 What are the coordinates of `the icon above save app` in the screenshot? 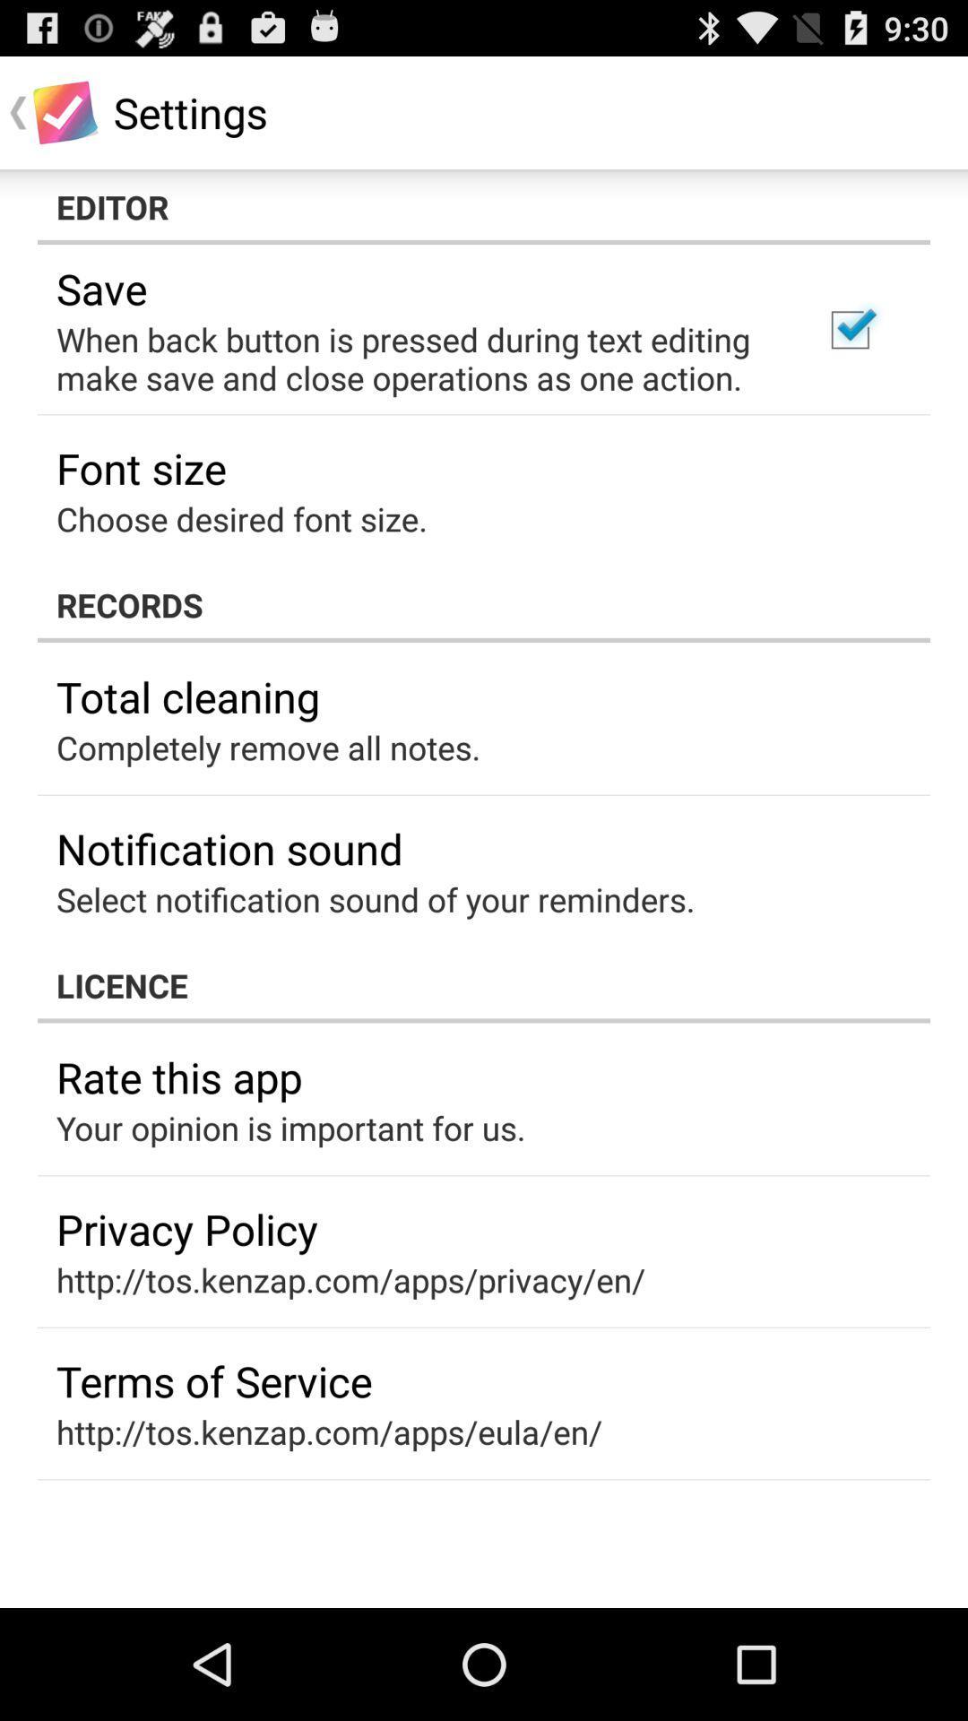 It's located at (484, 206).